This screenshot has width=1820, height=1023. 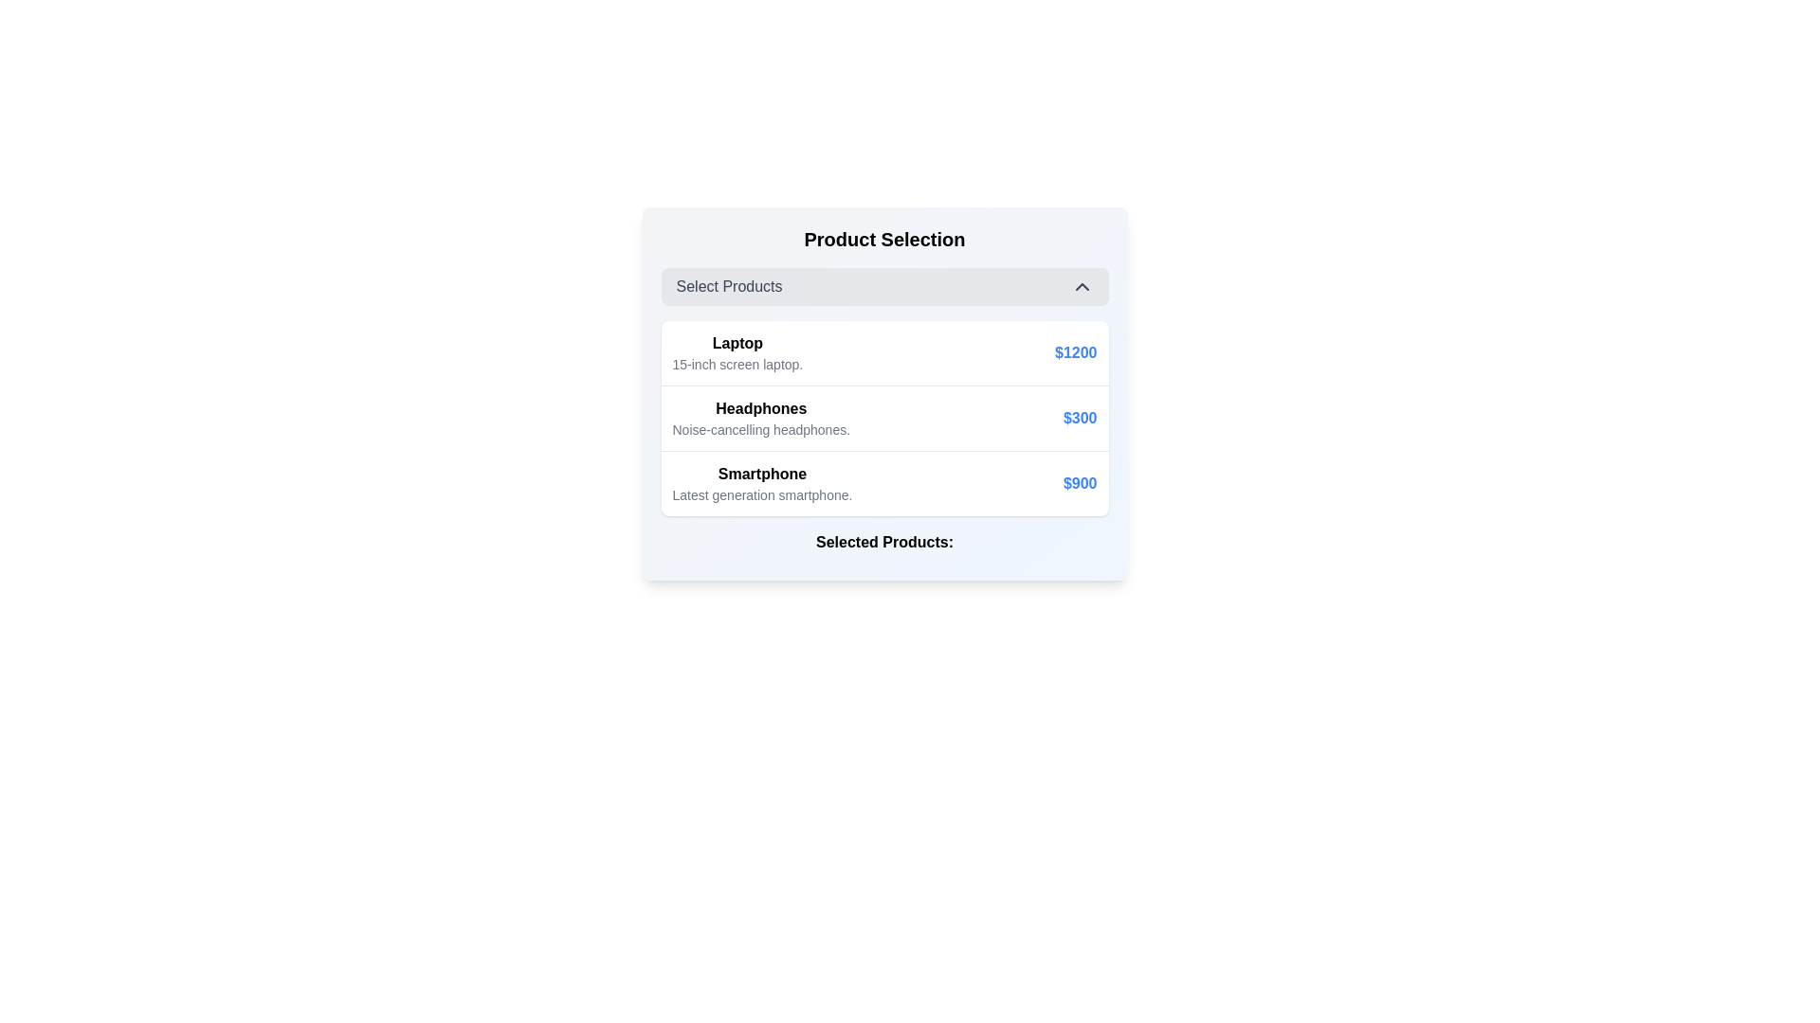 What do you see at coordinates (737, 353) in the screenshot?
I see `the Text content display element that informs users about the product, positioned as the first item in the list of product descriptions` at bounding box center [737, 353].